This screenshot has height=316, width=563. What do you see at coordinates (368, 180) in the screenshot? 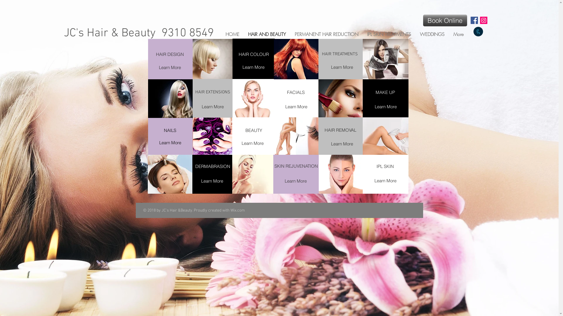
I see `'Learn More'` at bounding box center [368, 180].